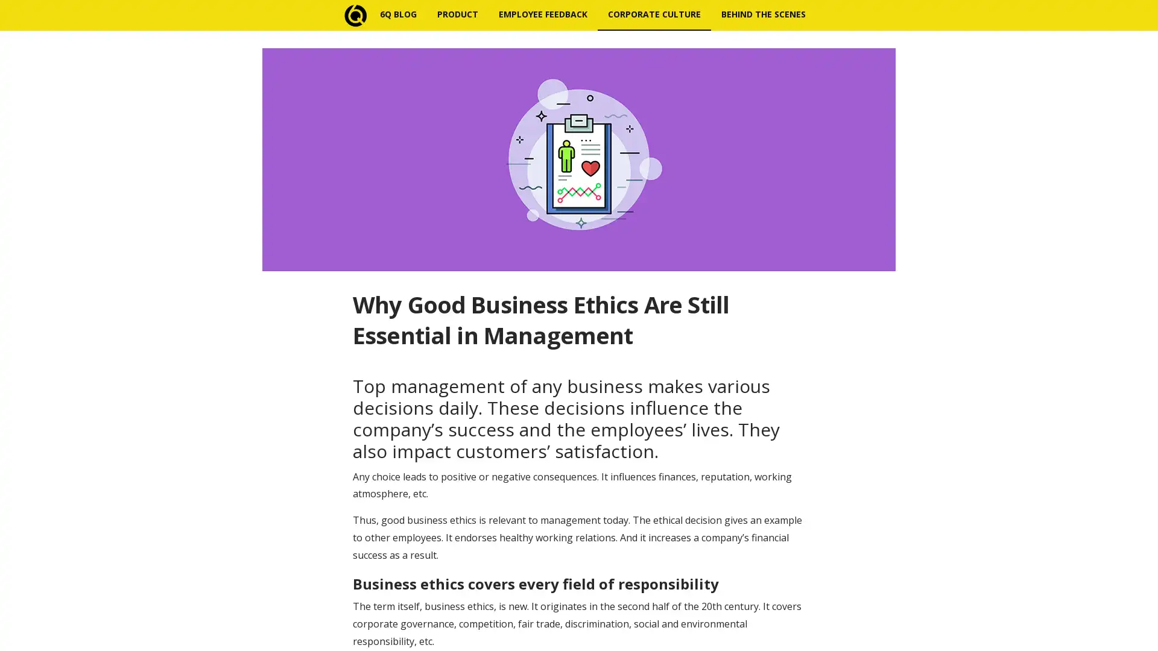 The image size is (1158, 651). What do you see at coordinates (712, 634) in the screenshot?
I see `Subscribe` at bounding box center [712, 634].